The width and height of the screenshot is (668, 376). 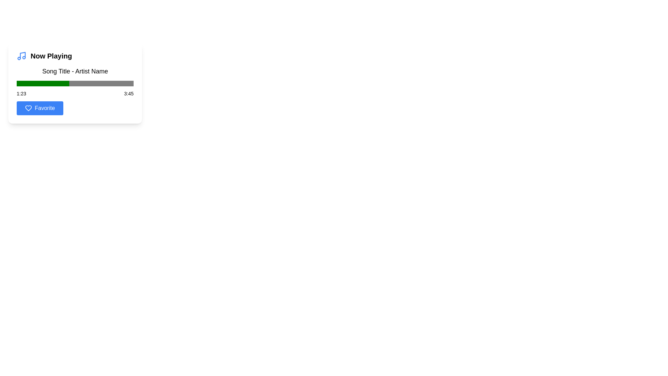 I want to click on the heart-shaped SVG icon located within the 'Favorite' button beneath the music player card, so click(x=28, y=108).